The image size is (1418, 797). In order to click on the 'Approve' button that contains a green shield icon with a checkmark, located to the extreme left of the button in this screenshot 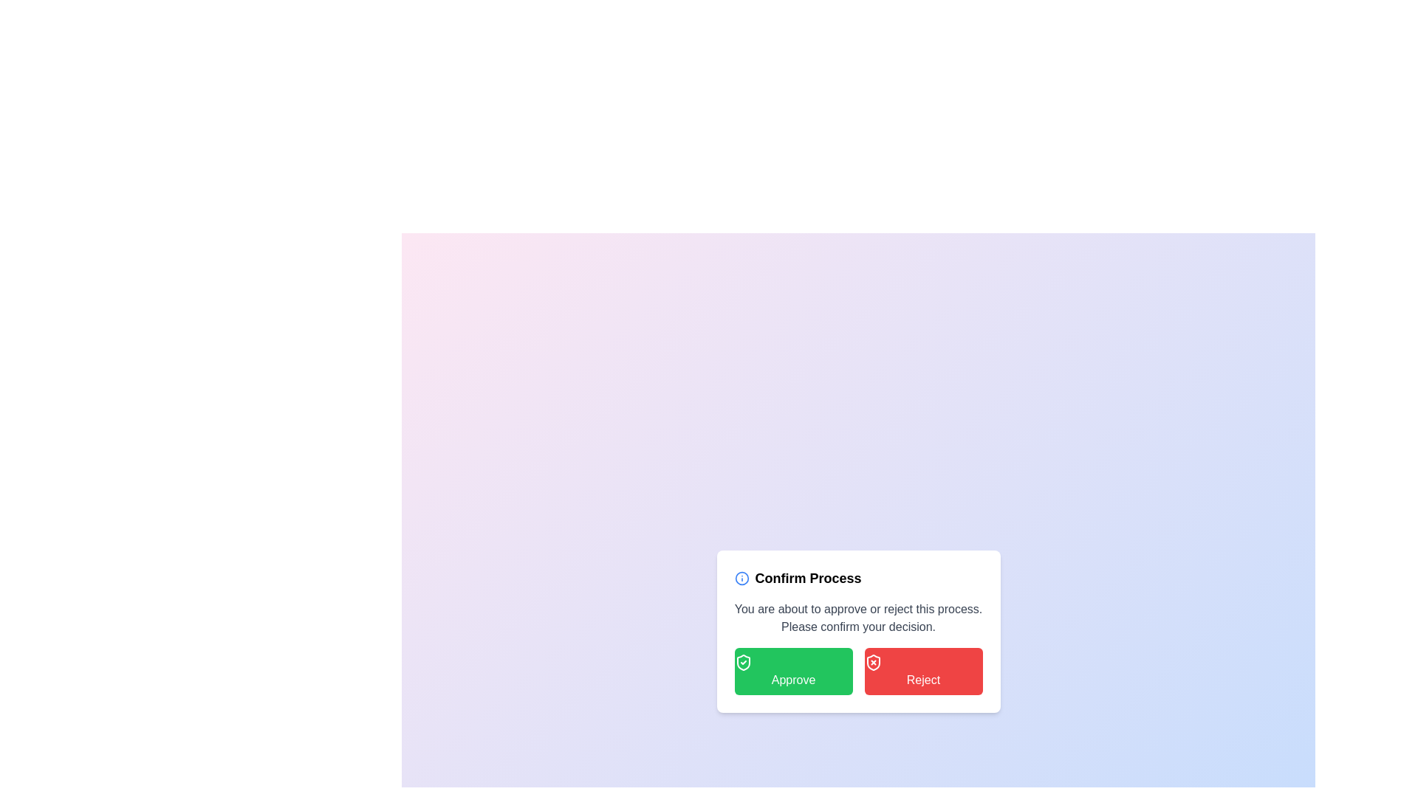, I will do `click(743, 662)`.